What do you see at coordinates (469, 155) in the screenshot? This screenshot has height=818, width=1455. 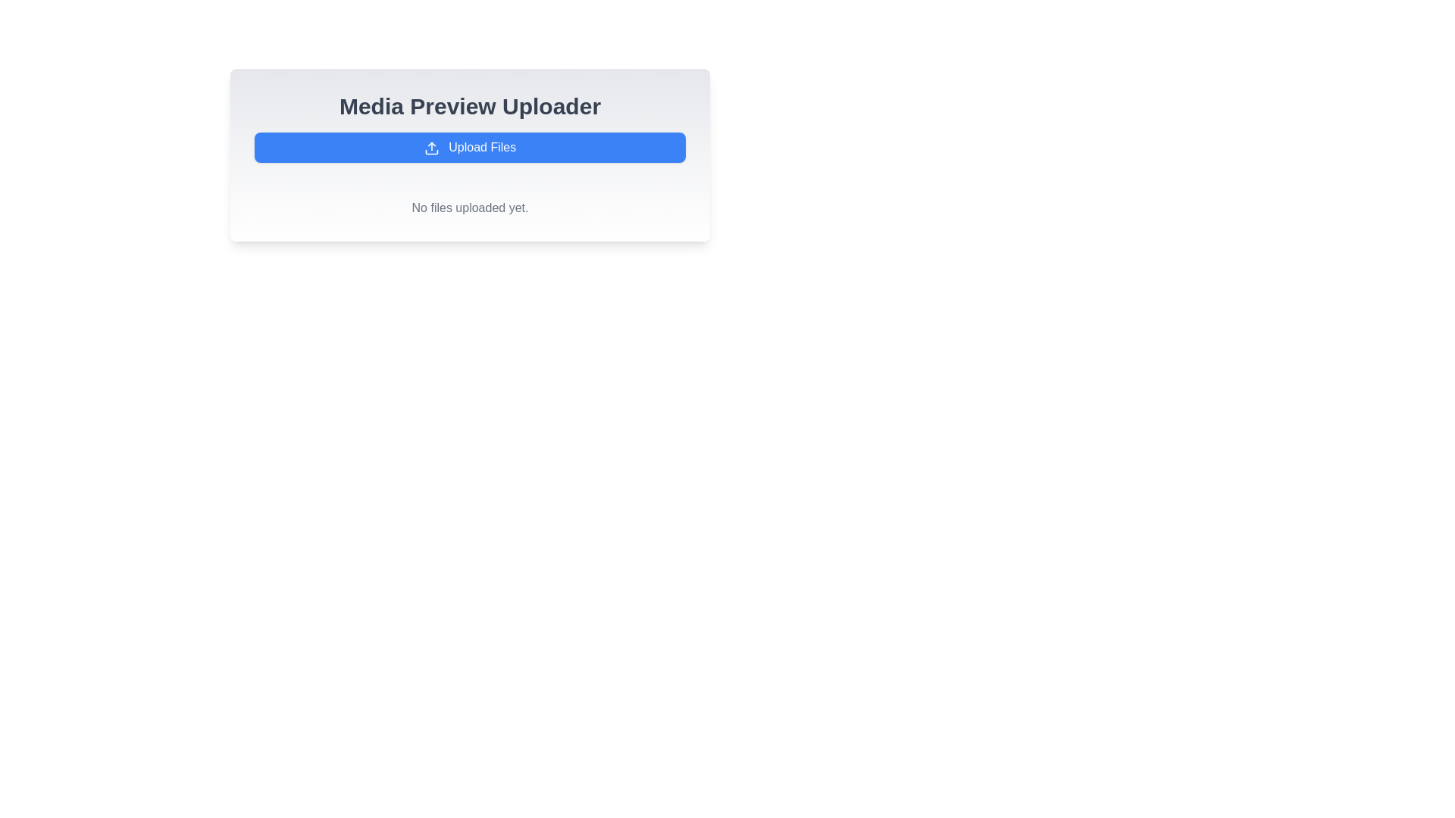 I see `the 'Upload Files' button in the 'Media Preview Uploader' component to initiate the file upload` at bounding box center [469, 155].